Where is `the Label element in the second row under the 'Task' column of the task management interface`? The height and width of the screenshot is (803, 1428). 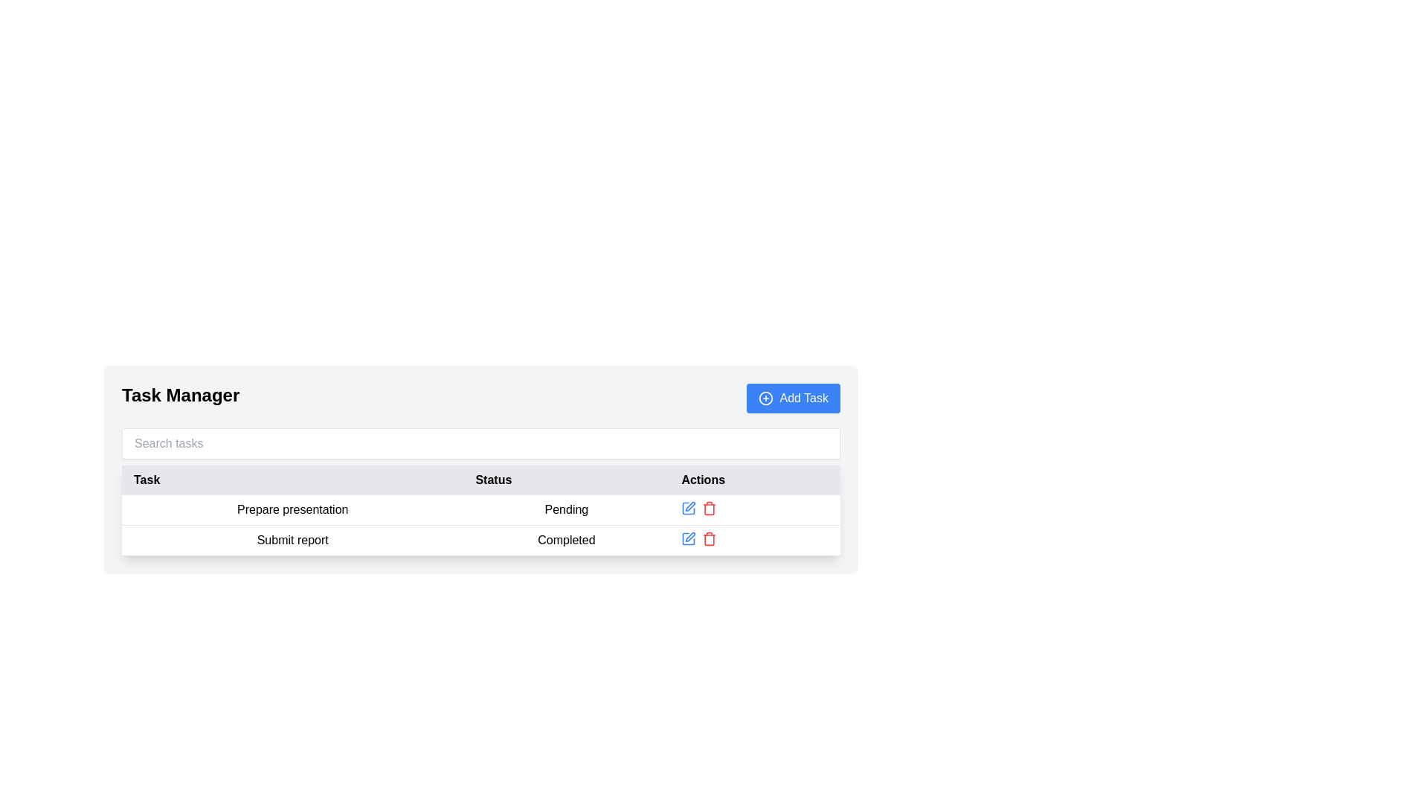 the Label element in the second row under the 'Task' column of the task management interface is located at coordinates (292, 540).